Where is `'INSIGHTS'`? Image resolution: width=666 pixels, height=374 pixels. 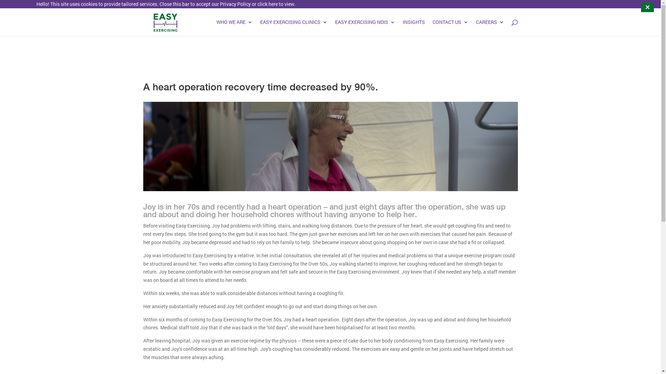
'INSIGHTS' is located at coordinates (413, 27).